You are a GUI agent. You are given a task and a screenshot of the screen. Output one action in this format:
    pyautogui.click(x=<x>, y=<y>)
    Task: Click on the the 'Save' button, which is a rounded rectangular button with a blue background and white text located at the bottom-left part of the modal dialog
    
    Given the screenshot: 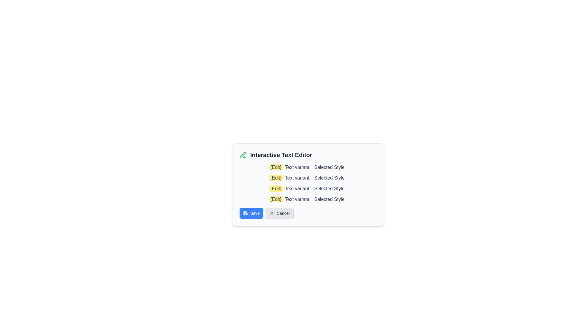 What is the action you would take?
    pyautogui.click(x=251, y=213)
    